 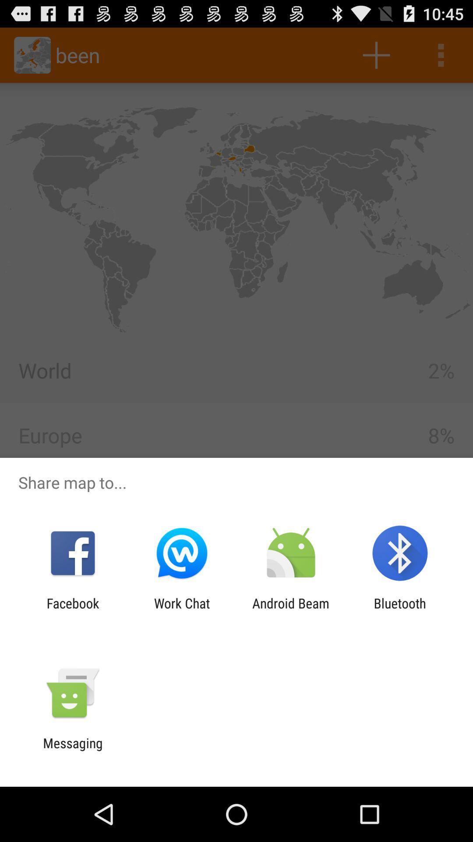 What do you see at coordinates (72, 610) in the screenshot?
I see `the facebook icon` at bounding box center [72, 610].